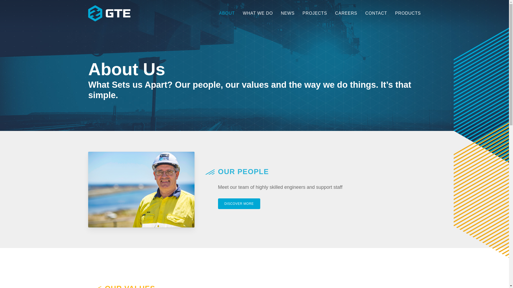 This screenshot has height=288, width=513. Describe the element at coordinates (243, 172) in the screenshot. I see `'OUR PEOPLE'` at that location.